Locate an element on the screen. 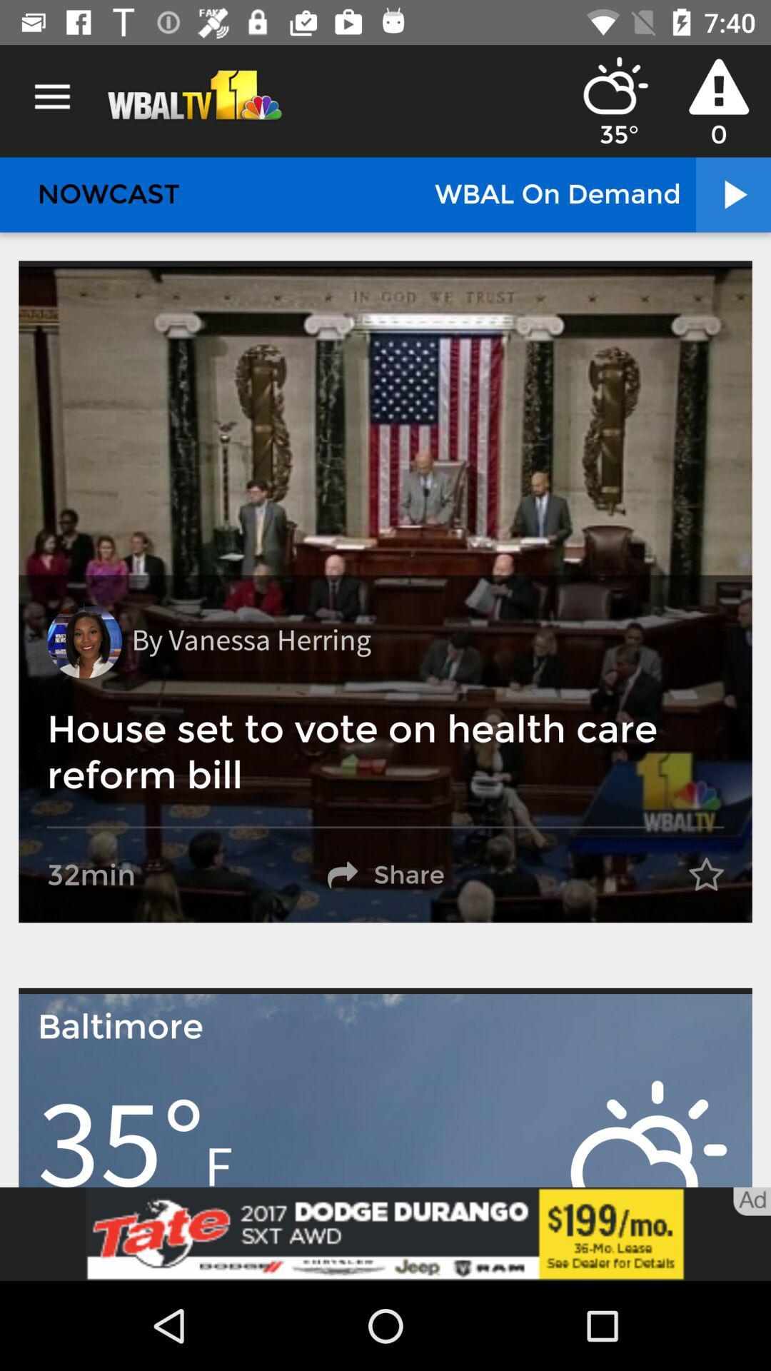 The image size is (771, 1371). adverisment is located at coordinates (385, 1233).